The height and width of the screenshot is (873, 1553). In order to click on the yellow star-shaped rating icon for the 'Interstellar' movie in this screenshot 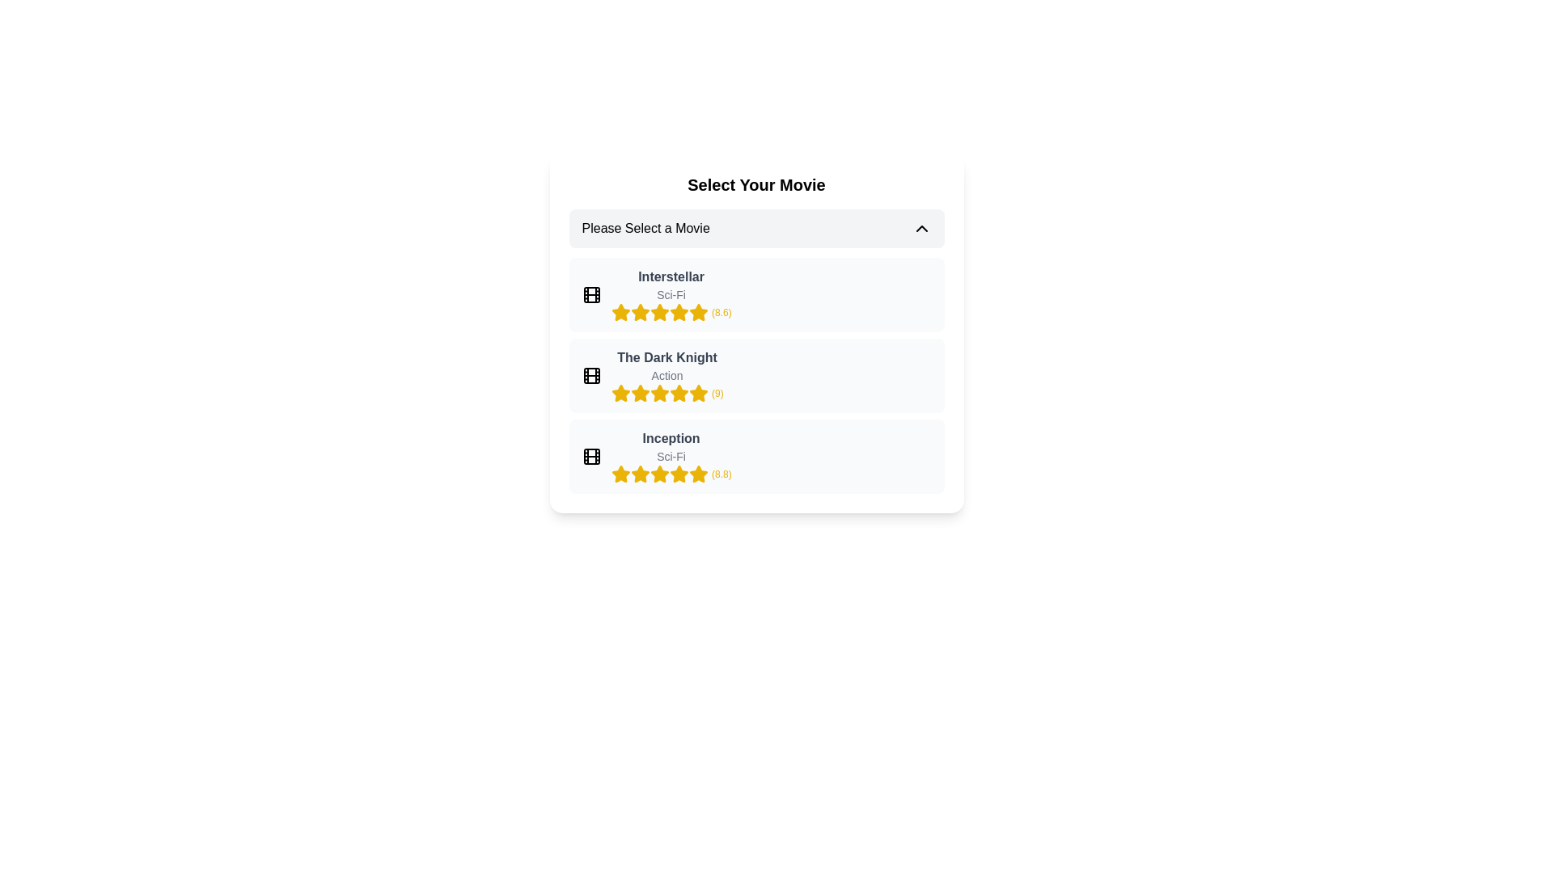, I will do `click(620, 312)`.